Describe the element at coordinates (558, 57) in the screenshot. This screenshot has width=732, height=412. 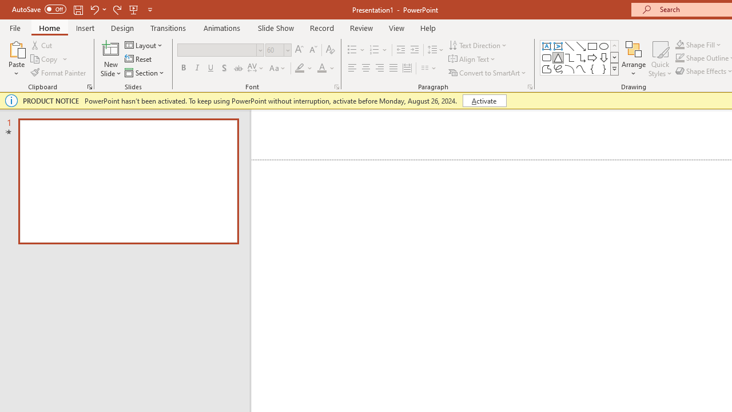
I see `'Isosceles Triangle'` at that location.